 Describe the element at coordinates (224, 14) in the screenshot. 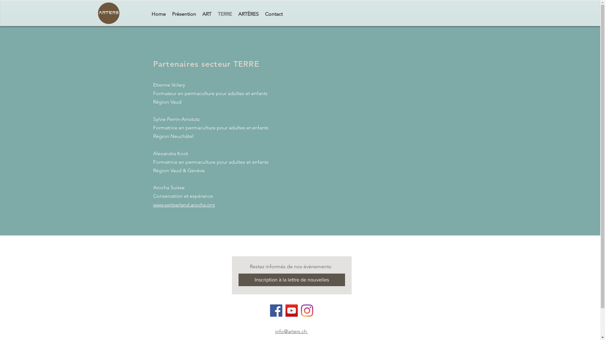

I see `'TERRE'` at that location.